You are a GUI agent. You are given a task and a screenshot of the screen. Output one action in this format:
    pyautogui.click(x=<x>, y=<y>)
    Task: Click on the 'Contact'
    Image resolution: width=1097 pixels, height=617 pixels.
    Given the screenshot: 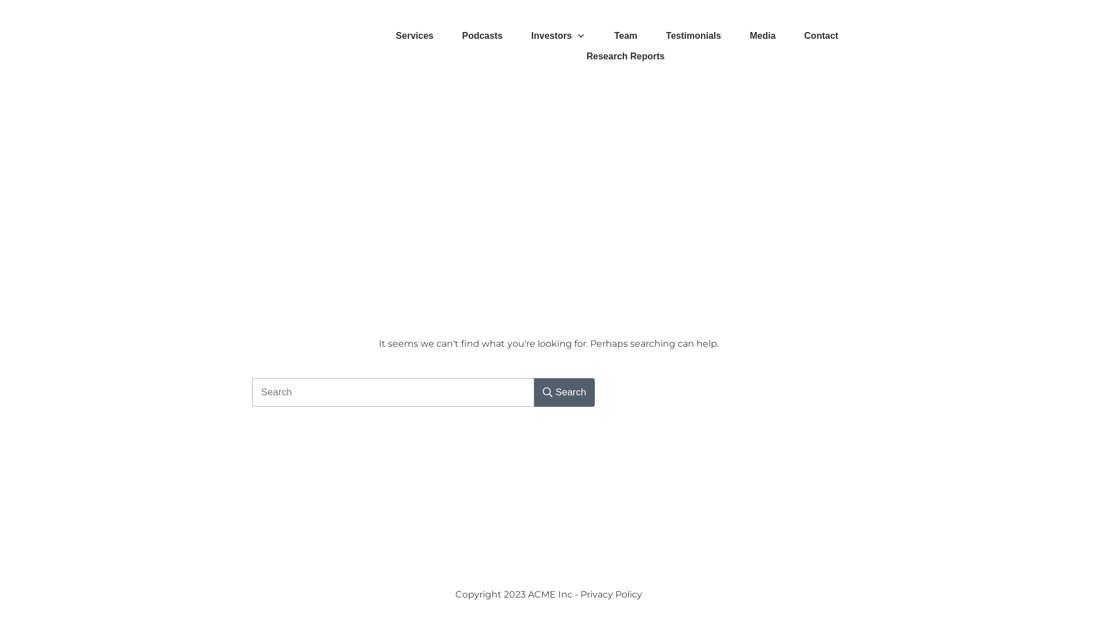 What is the action you would take?
    pyautogui.click(x=821, y=35)
    